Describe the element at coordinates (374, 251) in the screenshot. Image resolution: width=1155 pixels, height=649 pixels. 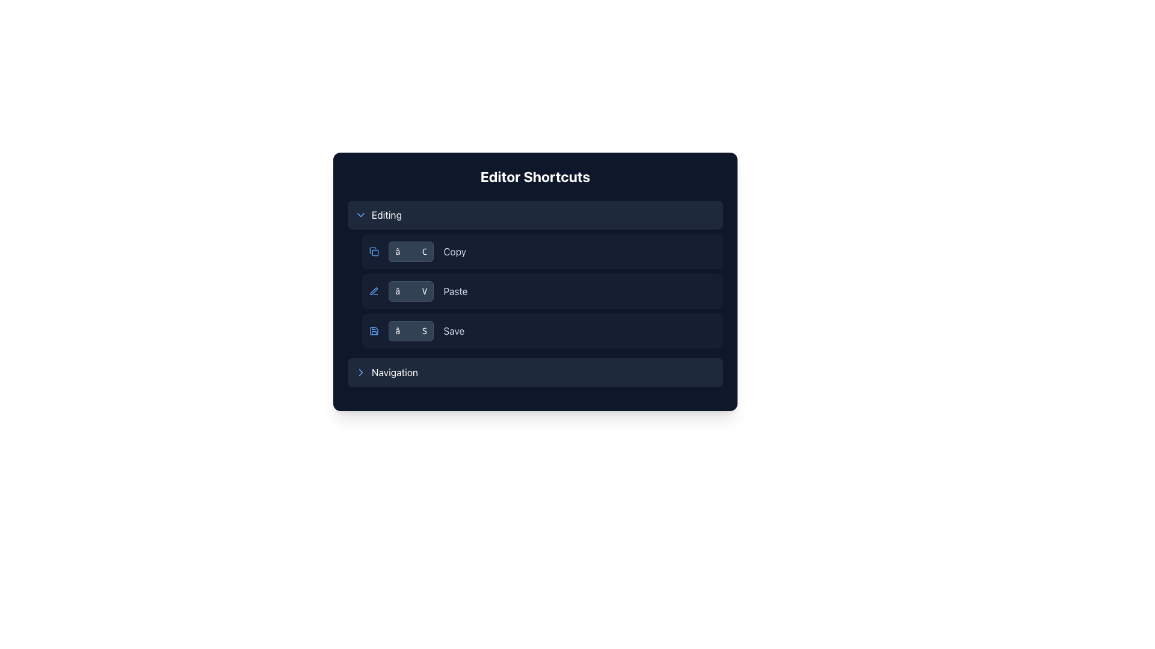
I see `the small square blue icon representing the copy action located in the top row under the 'Editing' category of the 'Editor Shortcuts' menu, which precedes the shortcut key combination '⌘ C'` at that location.